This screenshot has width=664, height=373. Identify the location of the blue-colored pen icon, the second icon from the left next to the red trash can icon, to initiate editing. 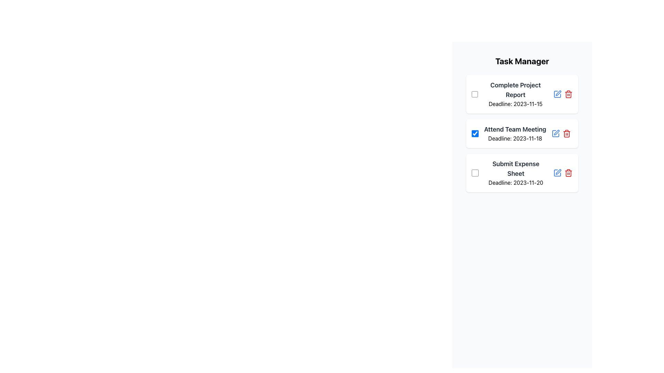
(558, 93).